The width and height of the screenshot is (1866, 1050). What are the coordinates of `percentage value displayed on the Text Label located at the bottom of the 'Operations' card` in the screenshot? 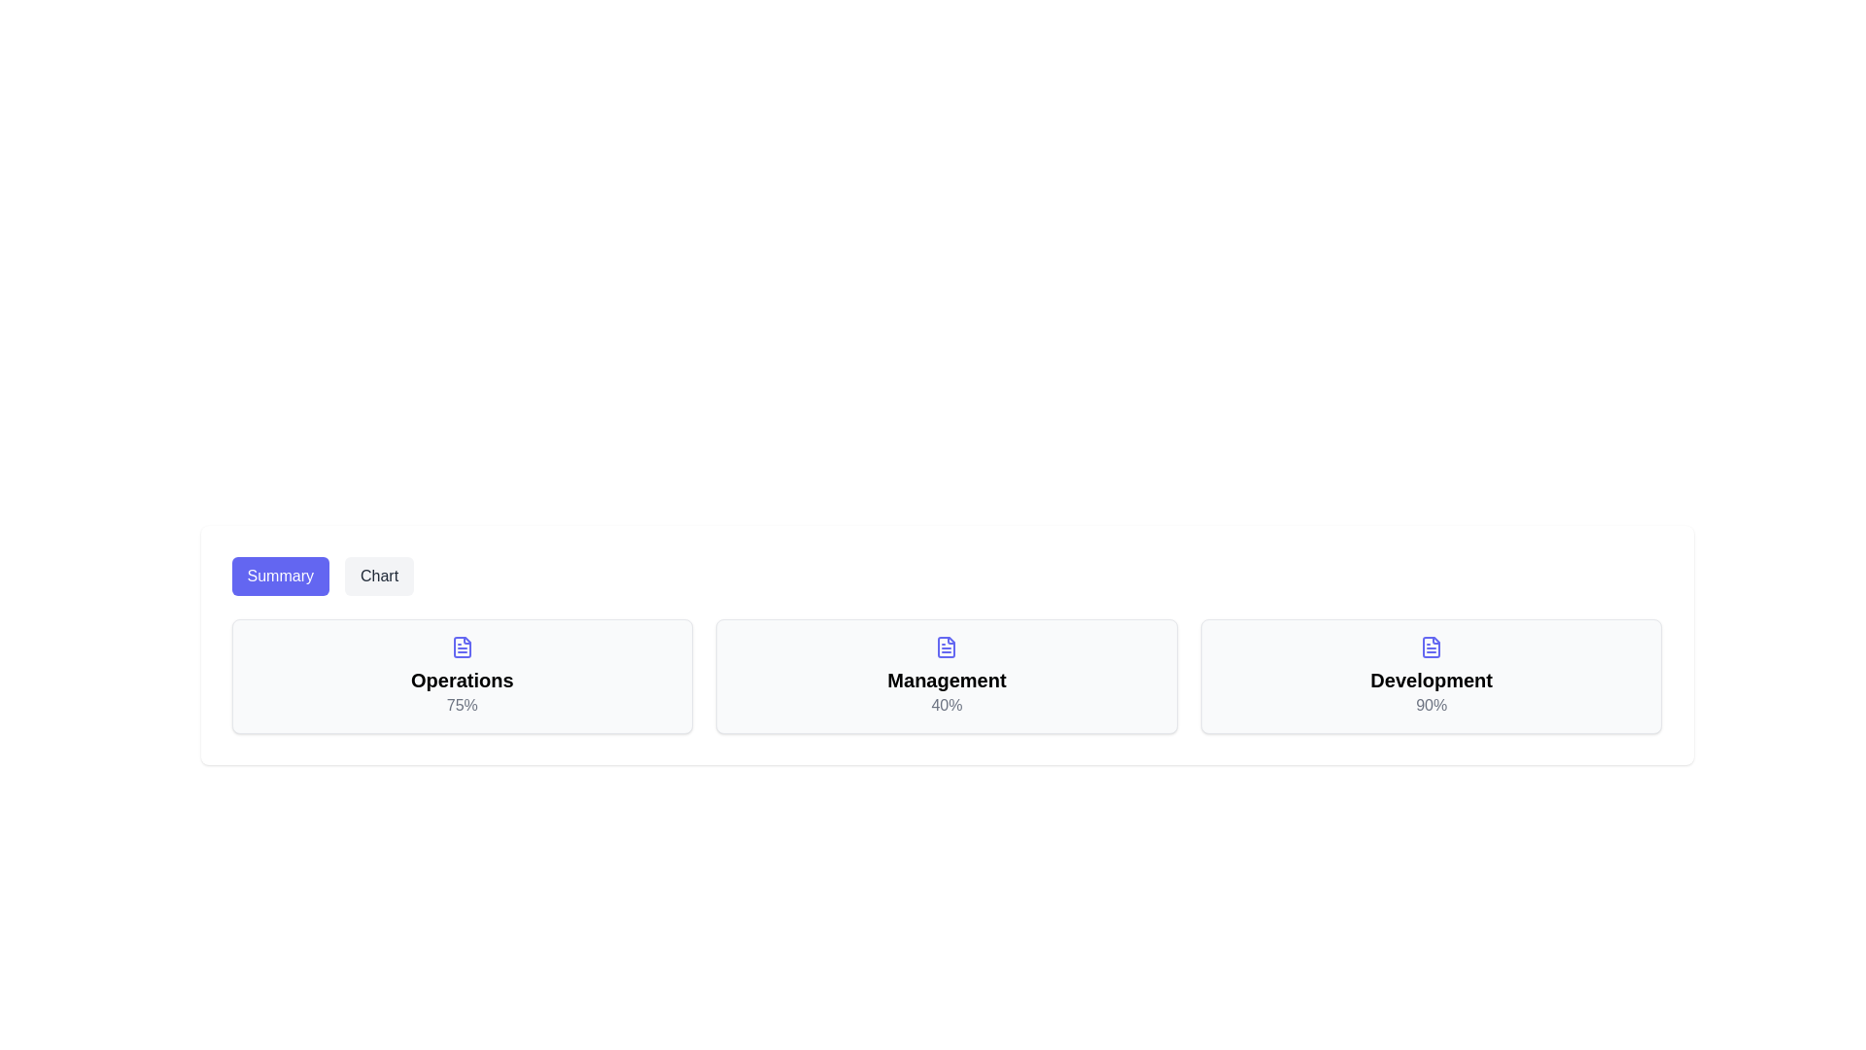 It's located at (461, 705).